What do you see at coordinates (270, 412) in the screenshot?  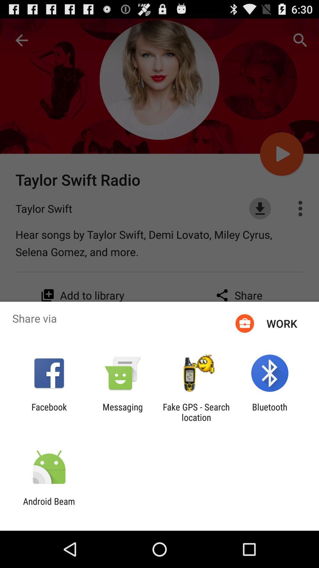 I see `icon next to fake gps search app` at bounding box center [270, 412].